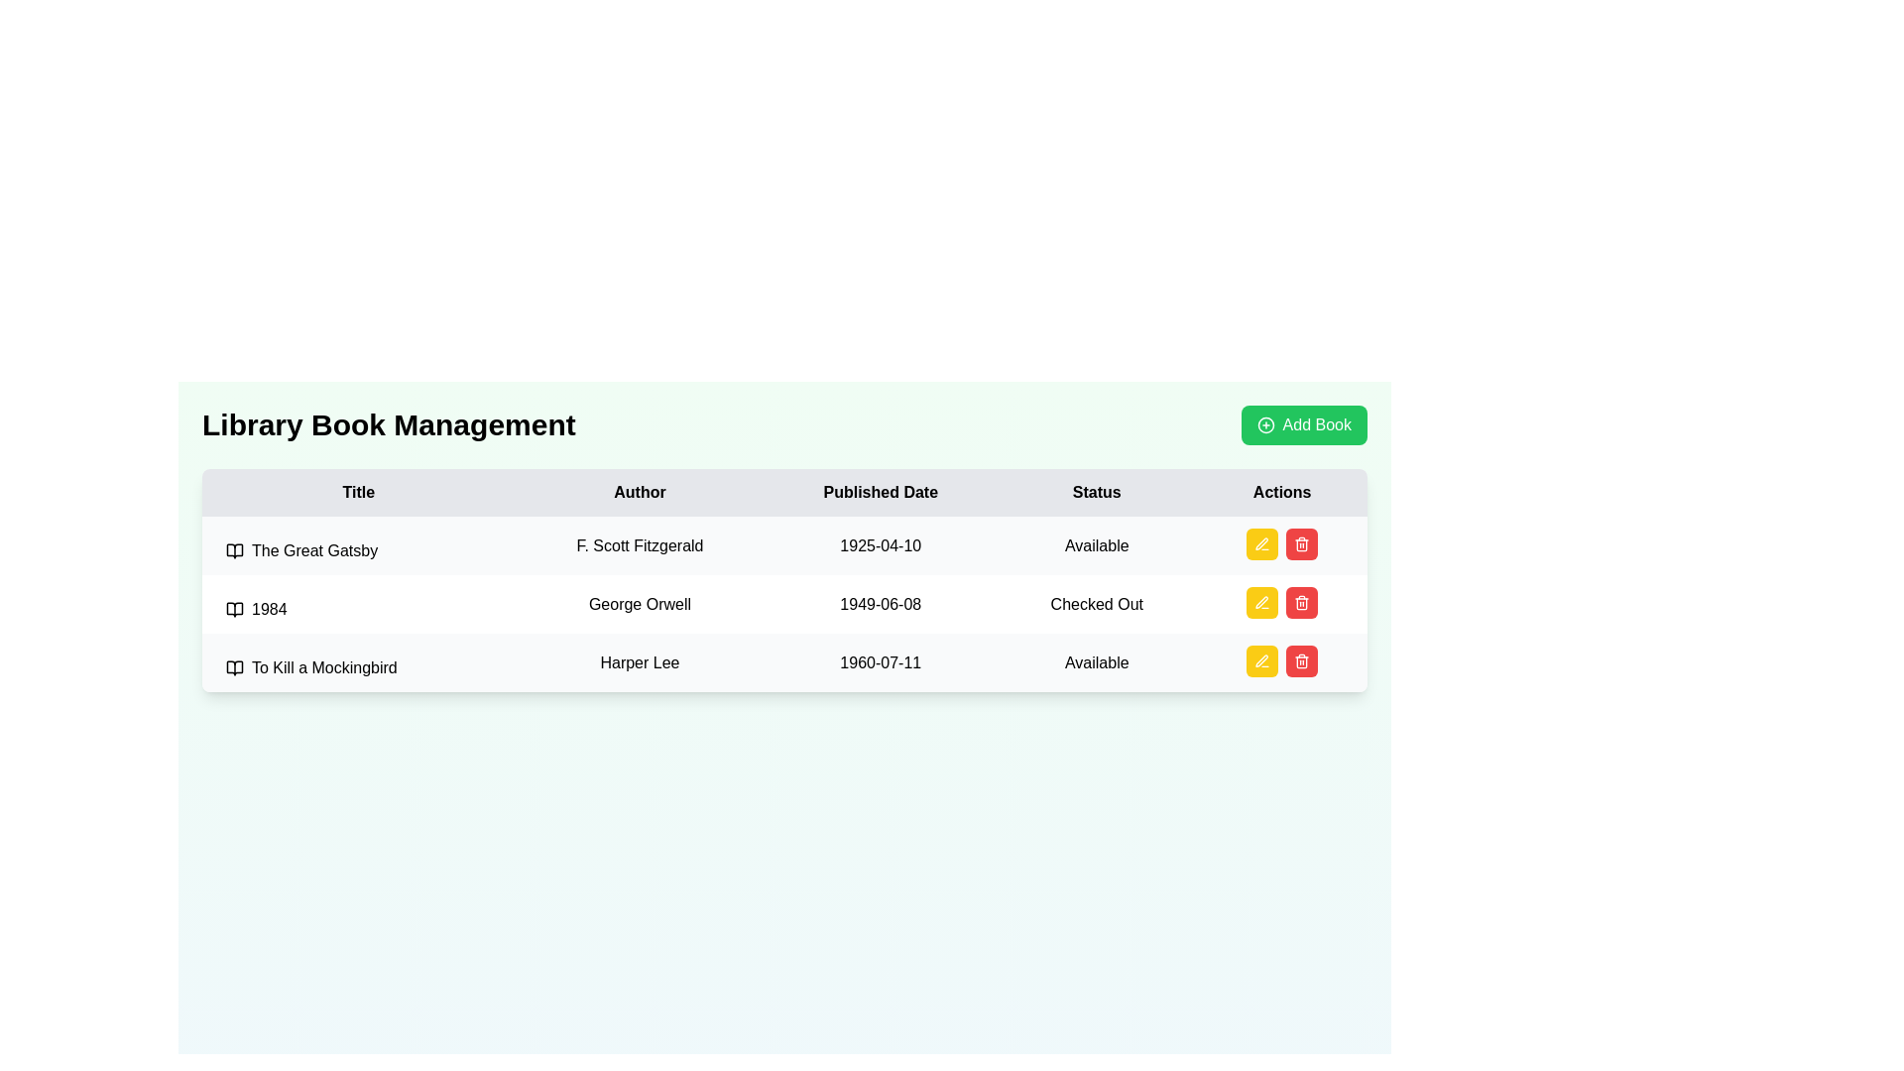 This screenshot has width=1904, height=1071. What do you see at coordinates (1096, 662) in the screenshot?
I see `the 'Available' text component in the fourth column of the third row of the table under the 'Status' header` at bounding box center [1096, 662].